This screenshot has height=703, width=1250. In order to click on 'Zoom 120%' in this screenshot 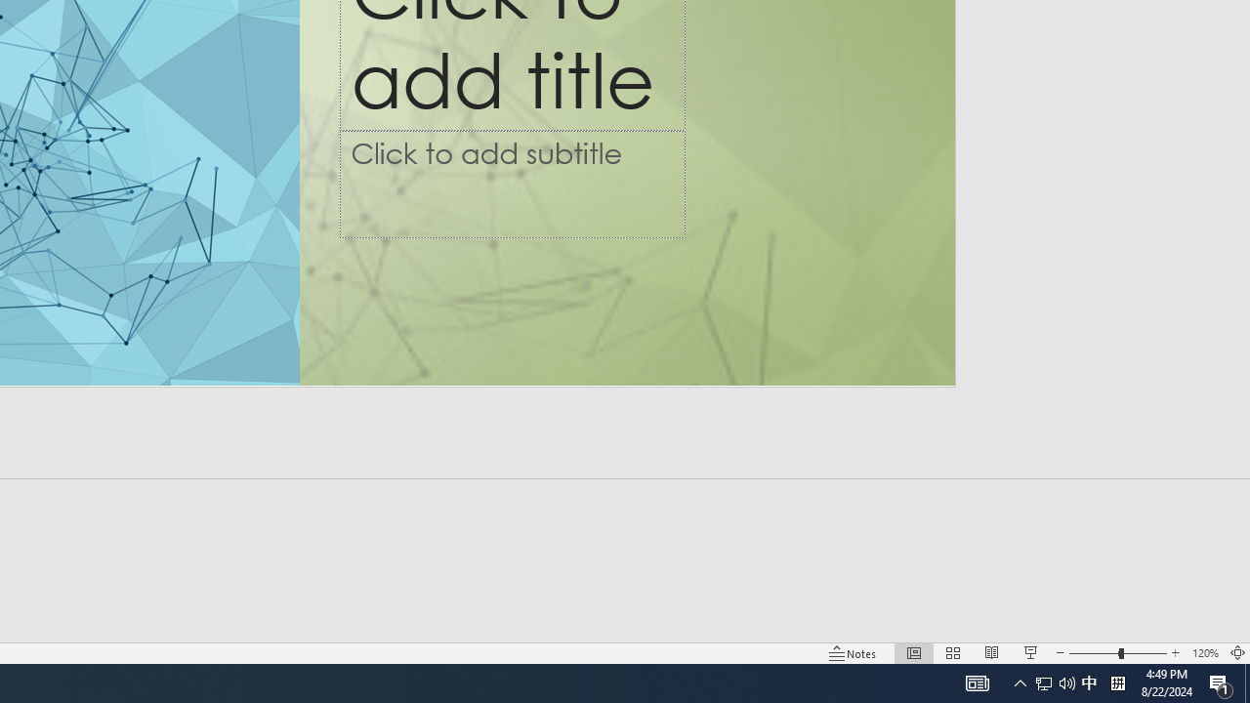, I will do `click(1204, 653)`.